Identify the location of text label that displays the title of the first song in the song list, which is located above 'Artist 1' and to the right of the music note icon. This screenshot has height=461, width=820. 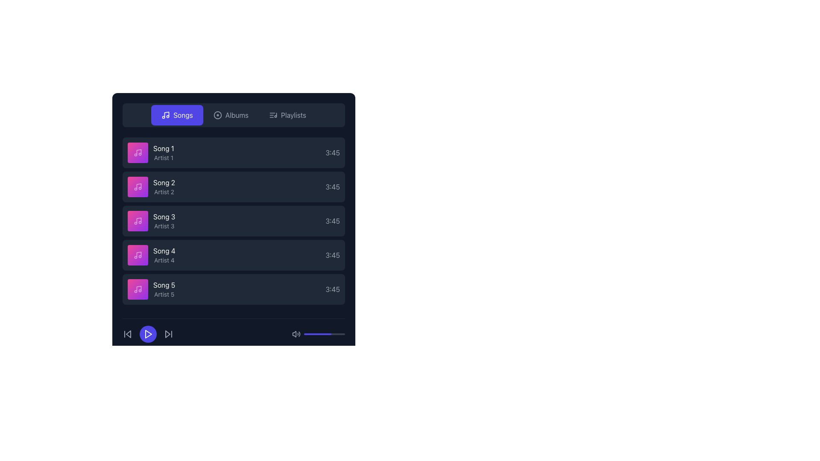
(164, 148).